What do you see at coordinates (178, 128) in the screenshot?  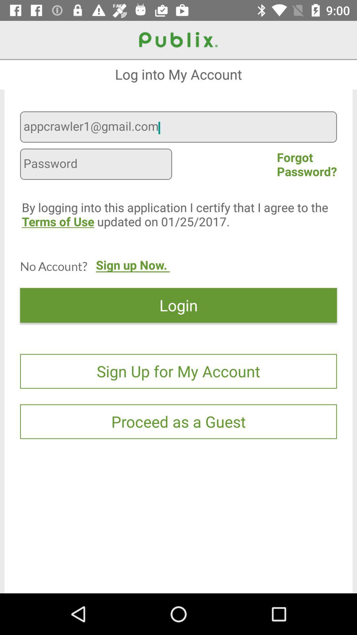 I see `appcrawler1@gmail.com` at bounding box center [178, 128].